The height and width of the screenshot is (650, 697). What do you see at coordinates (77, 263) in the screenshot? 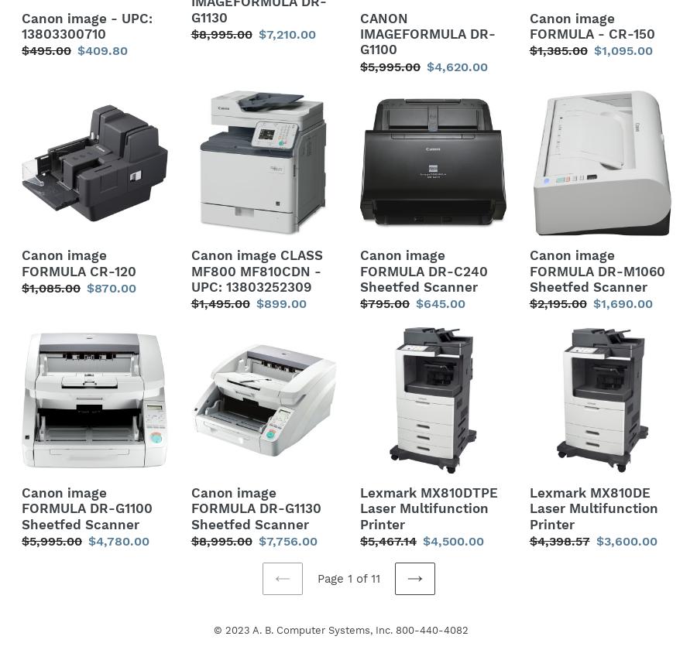
I see `'Canon image FORMULA CR-120'` at bounding box center [77, 263].